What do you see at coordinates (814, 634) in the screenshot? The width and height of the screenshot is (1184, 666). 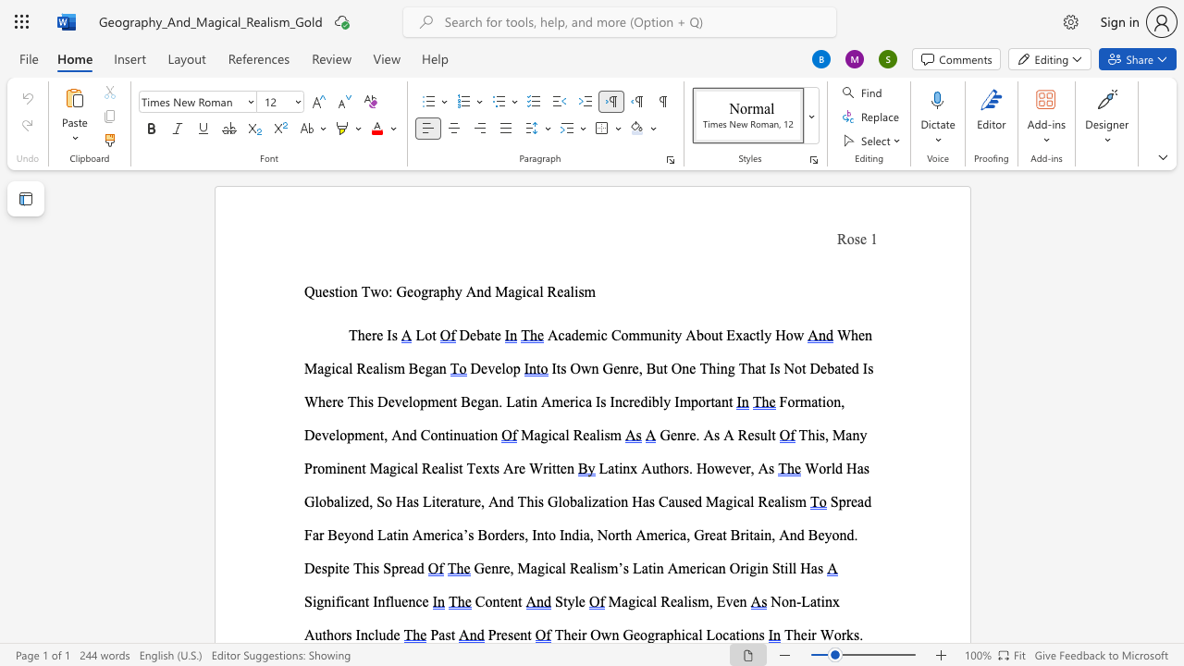 I see `the 1th character "r" in the text` at bounding box center [814, 634].